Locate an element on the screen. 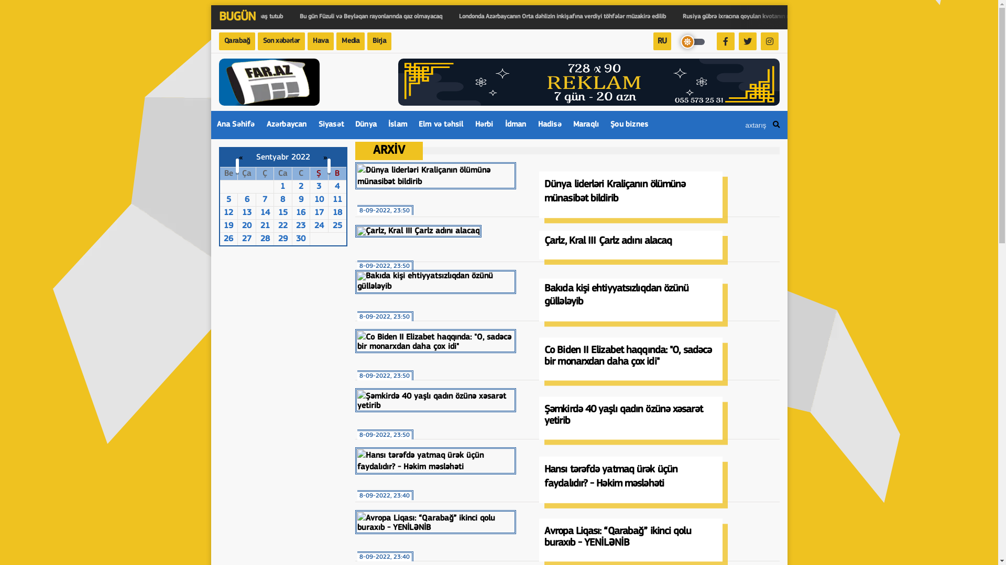 This screenshot has height=565, width=1006. 'RU' is located at coordinates (661, 40).